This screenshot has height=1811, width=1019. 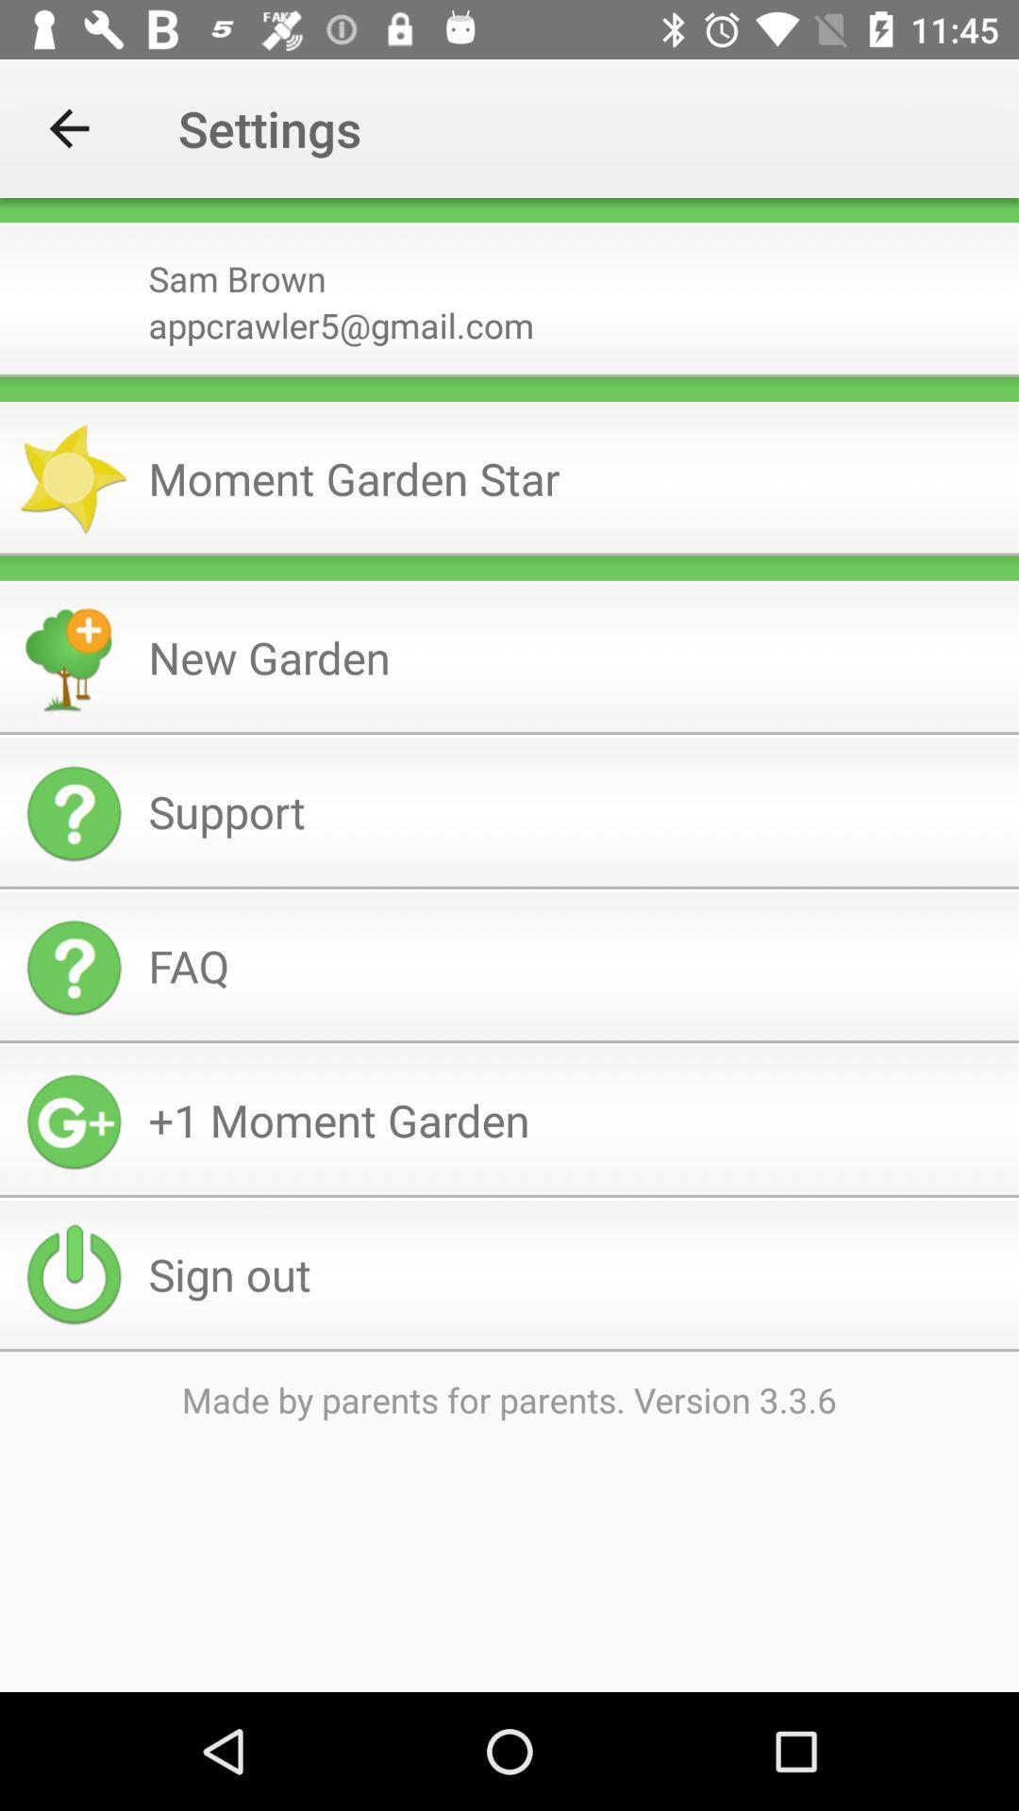 What do you see at coordinates (575, 966) in the screenshot?
I see `the faq icon` at bounding box center [575, 966].